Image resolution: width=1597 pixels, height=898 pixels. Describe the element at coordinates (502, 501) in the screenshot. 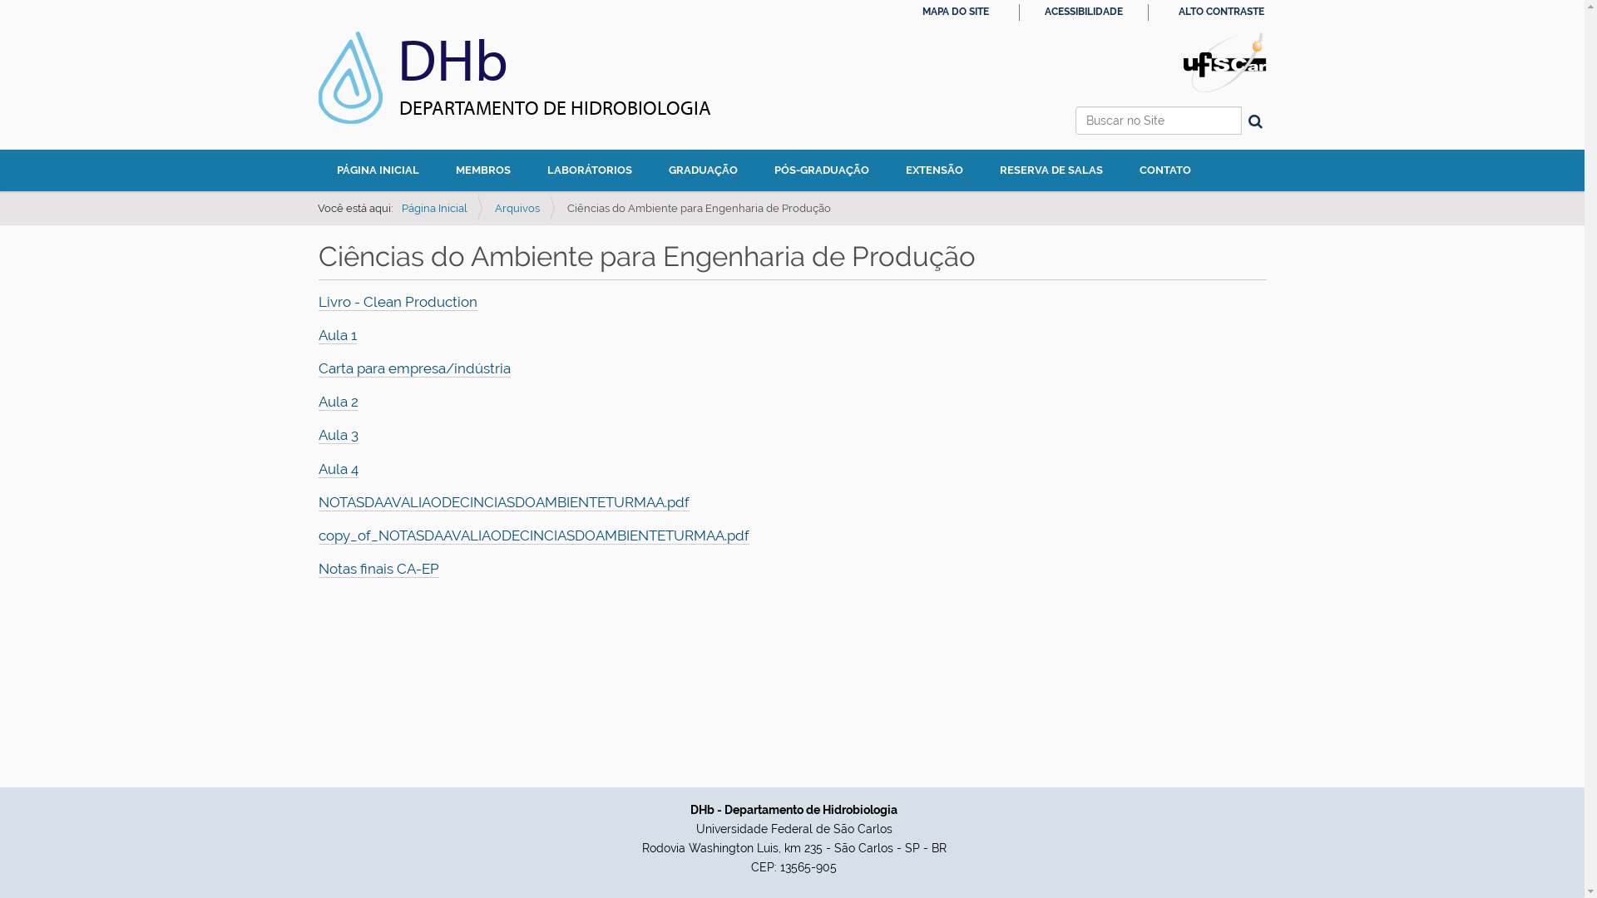

I see `'NOTASDAAVALIAODECINCIASDOAMBIENTETURMAA.pdf'` at that location.